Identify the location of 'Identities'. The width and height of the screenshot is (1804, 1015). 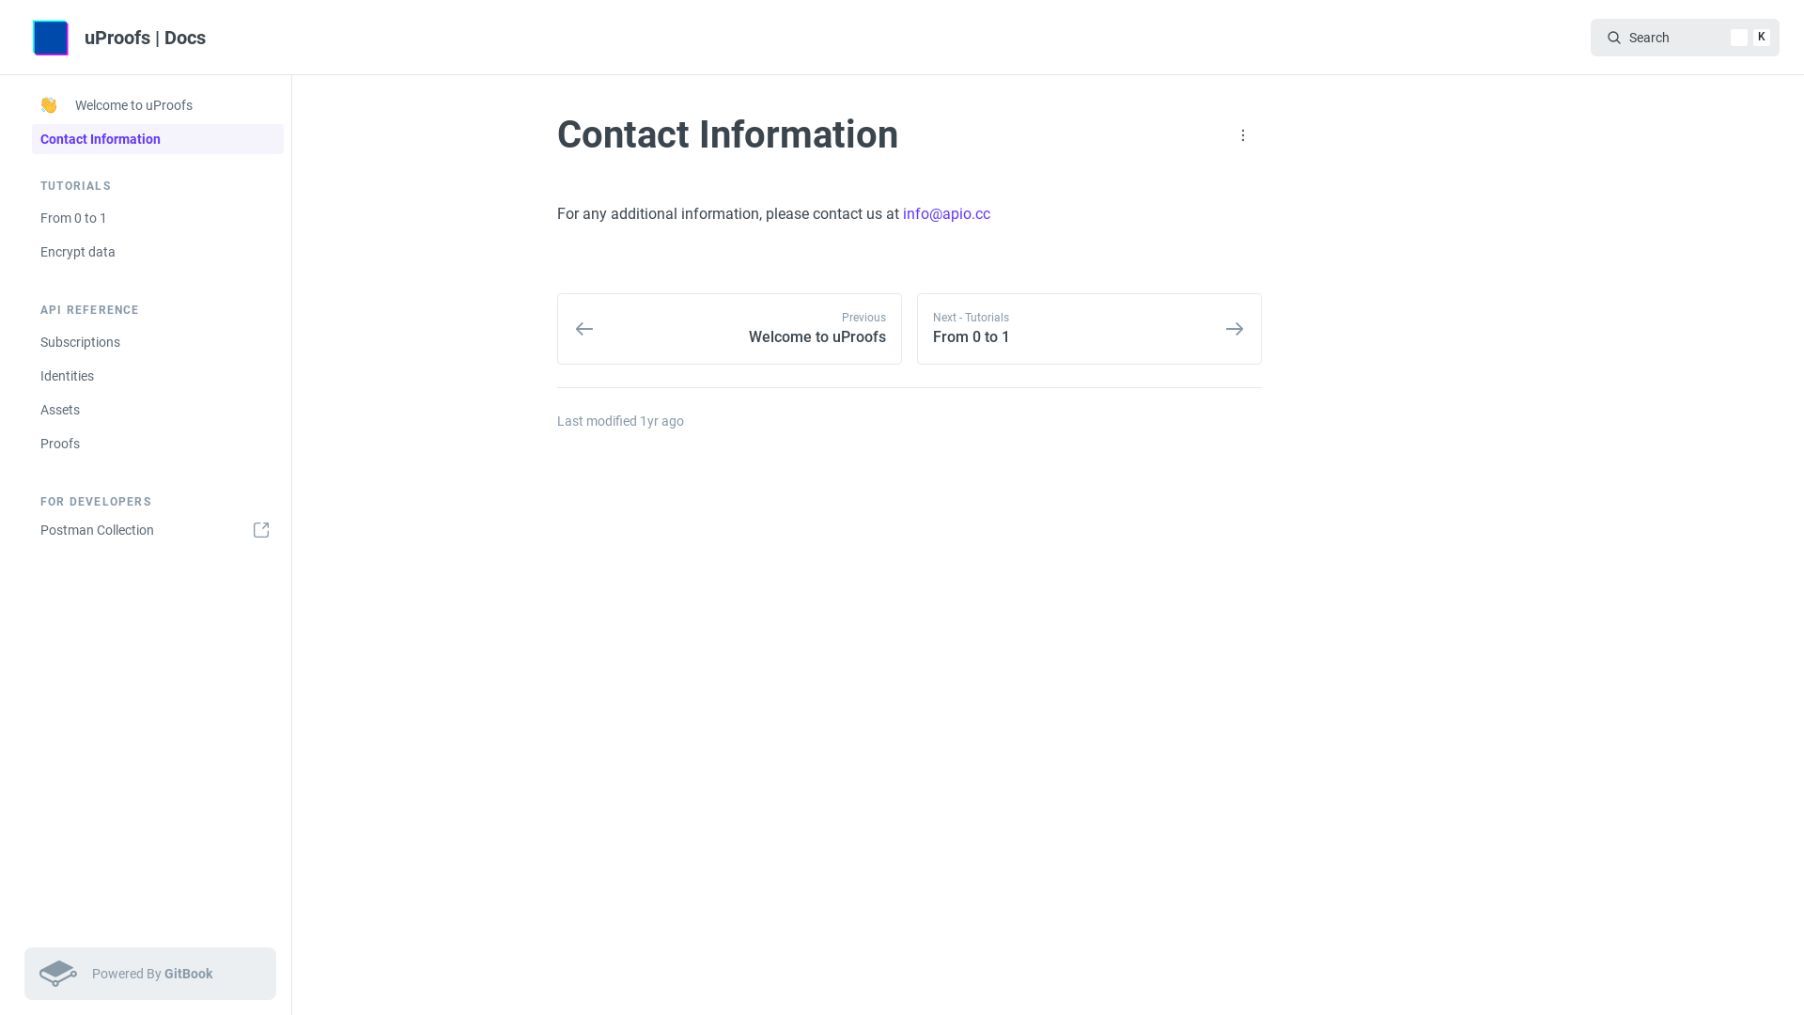
(158, 376).